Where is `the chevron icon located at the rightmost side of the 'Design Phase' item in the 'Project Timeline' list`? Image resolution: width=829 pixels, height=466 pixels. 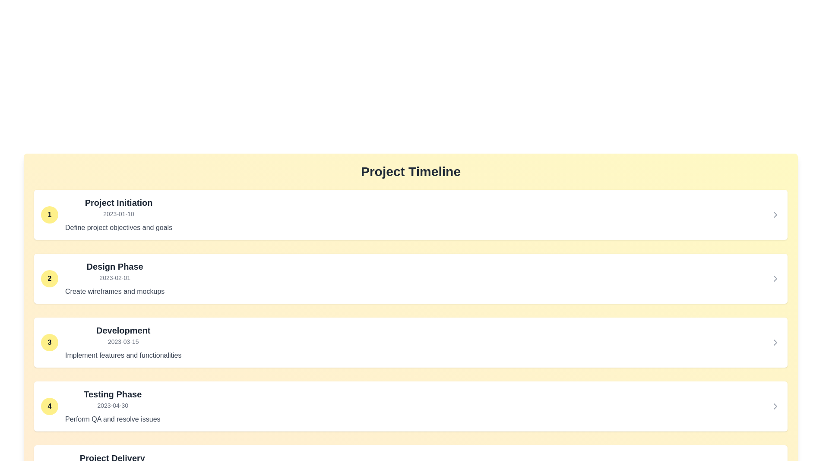
the chevron icon located at the rightmost side of the 'Design Phase' item in the 'Project Timeline' list is located at coordinates (775, 278).